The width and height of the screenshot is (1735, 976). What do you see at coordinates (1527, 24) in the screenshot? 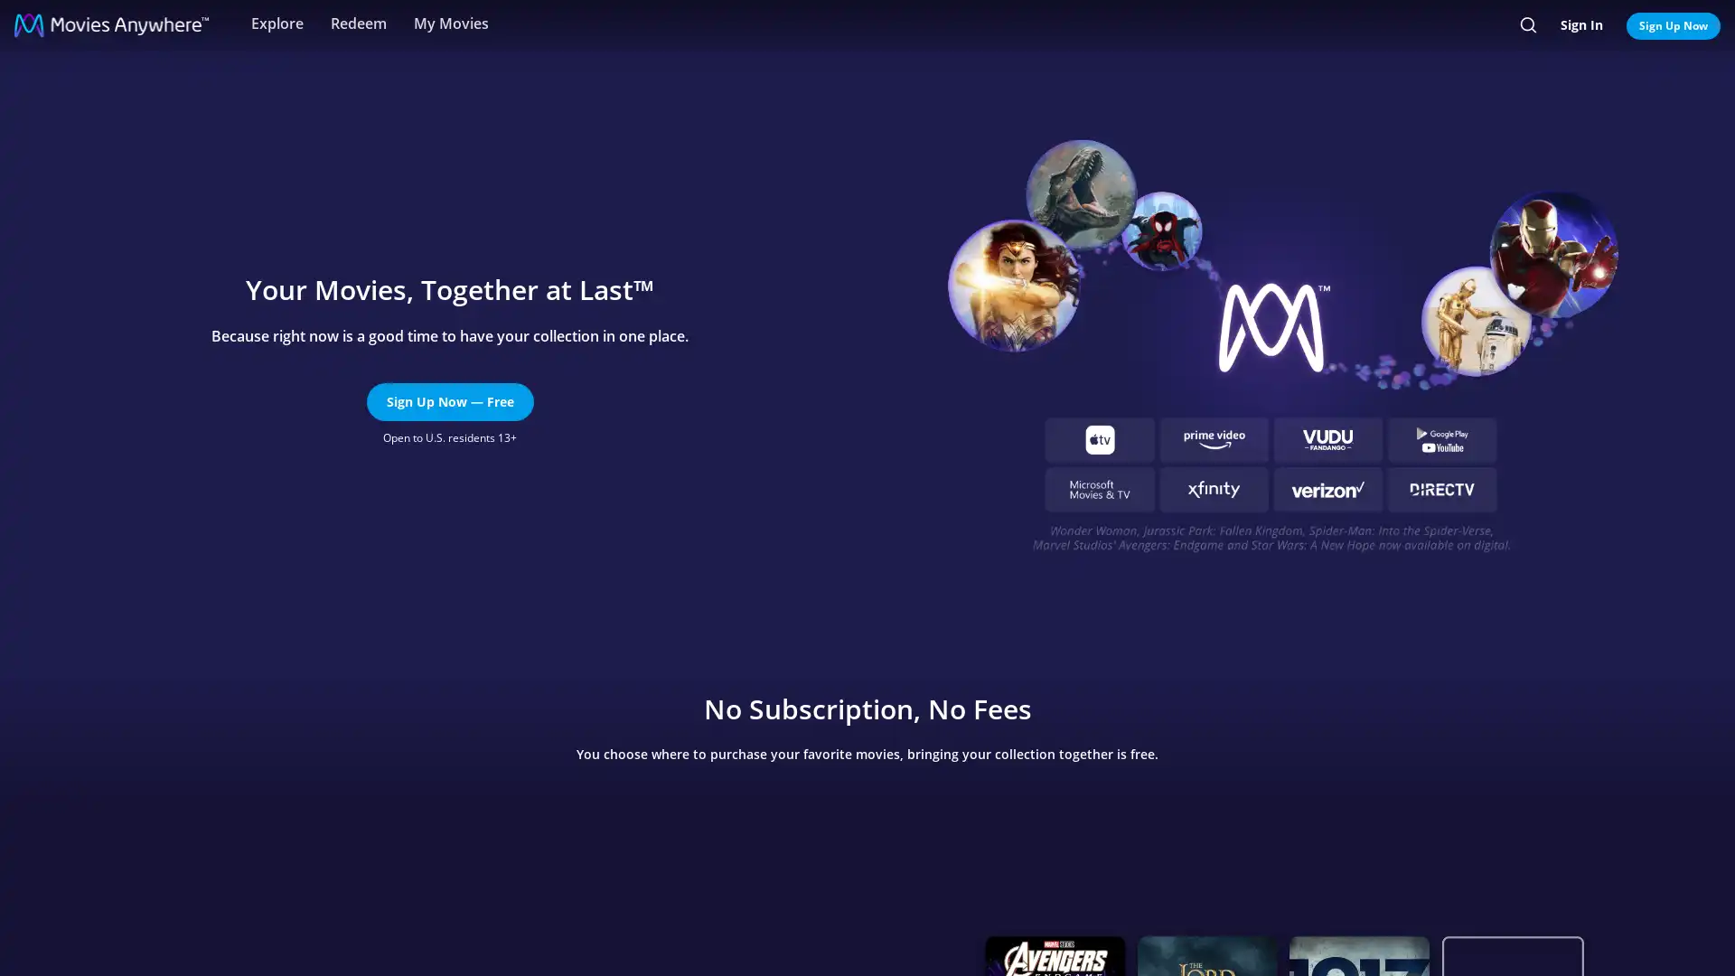
I see `Search` at bounding box center [1527, 24].